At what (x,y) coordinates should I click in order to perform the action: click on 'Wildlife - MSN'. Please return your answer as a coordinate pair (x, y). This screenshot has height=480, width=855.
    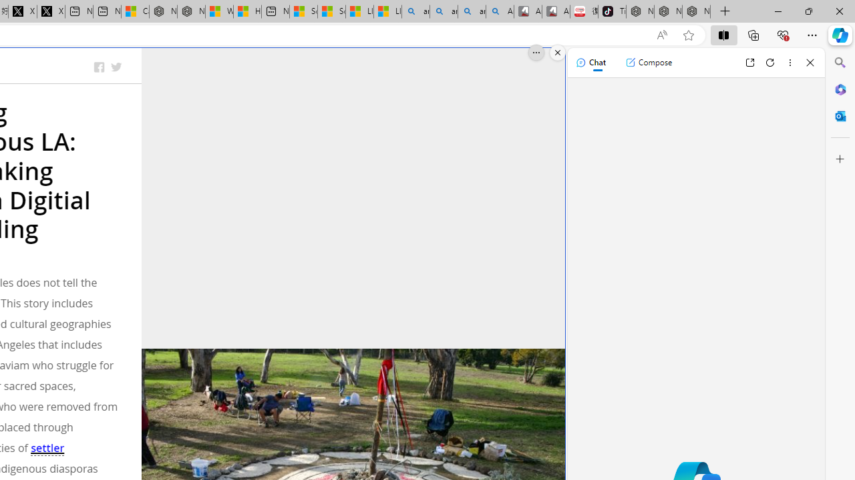
    Looking at the image, I should click on (219, 11).